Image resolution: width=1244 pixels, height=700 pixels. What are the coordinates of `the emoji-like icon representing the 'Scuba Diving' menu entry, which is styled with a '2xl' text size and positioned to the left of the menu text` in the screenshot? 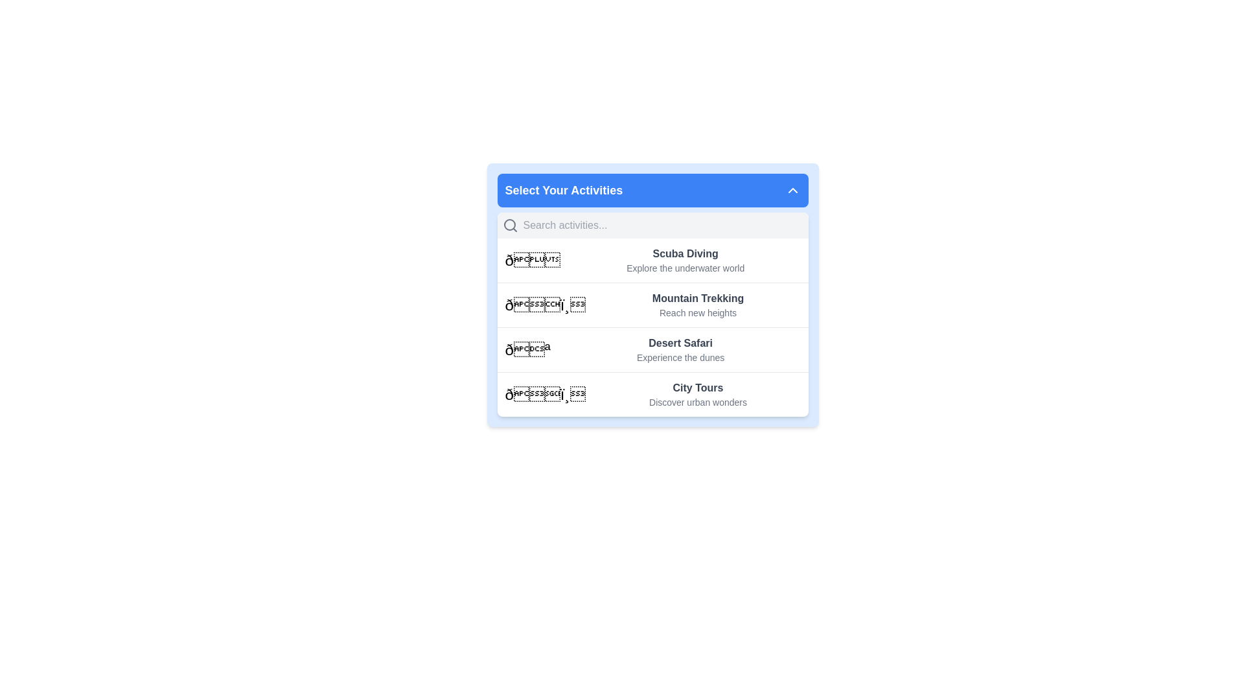 It's located at (533, 260).